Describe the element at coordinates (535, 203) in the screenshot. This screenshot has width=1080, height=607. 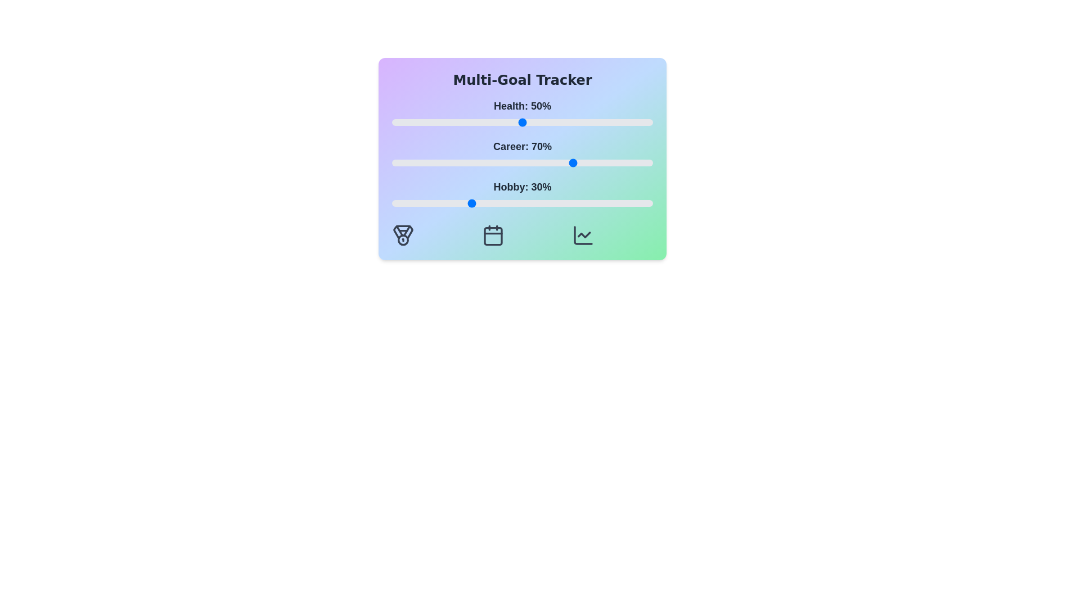
I see `the 'Hobby' slider to 55%` at that location.